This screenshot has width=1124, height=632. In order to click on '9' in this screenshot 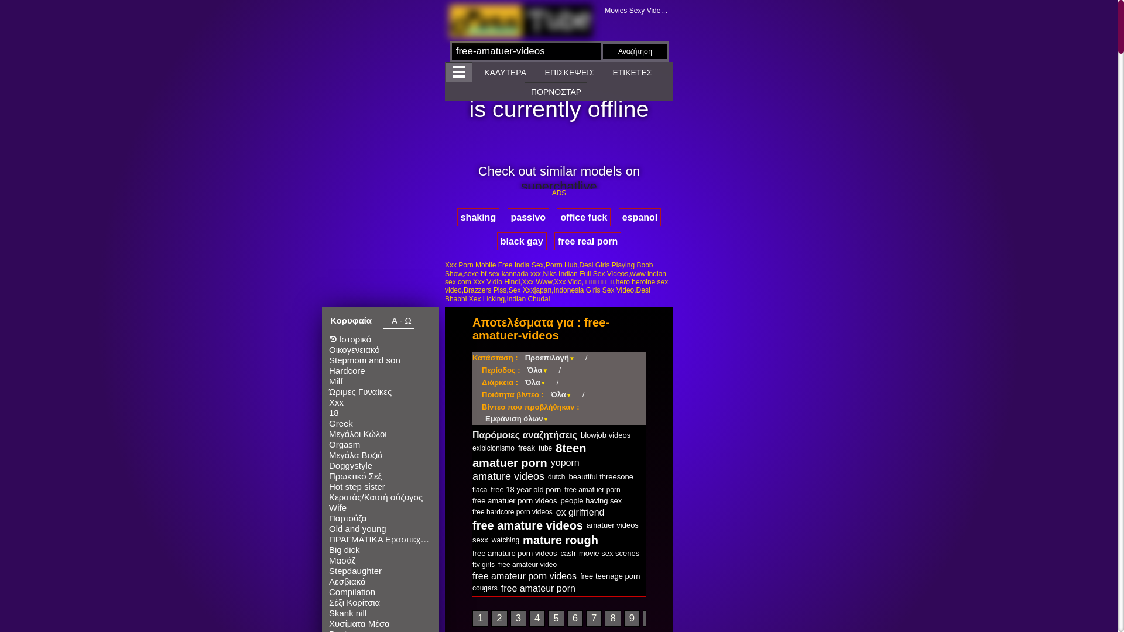, I will do `click(631, 617)`.